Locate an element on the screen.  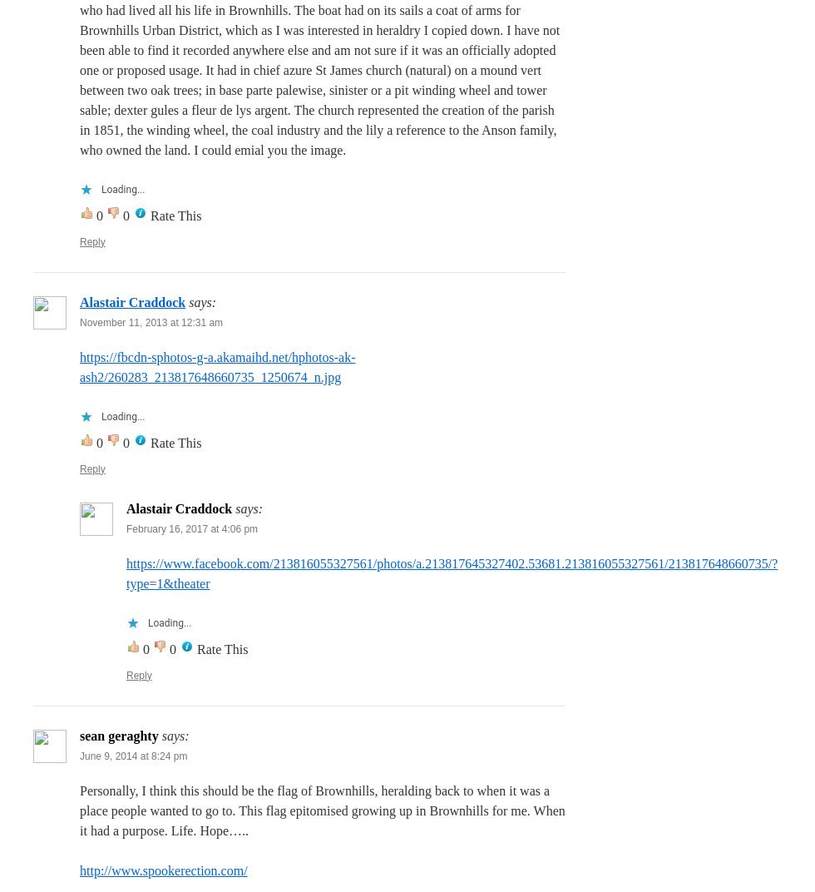
'https://www.facebook.com/213816055327561/photos/a.213817645327402.53681.213816055327561/213817648660735/?type=1&theater' is located at coordinates (126, 572).